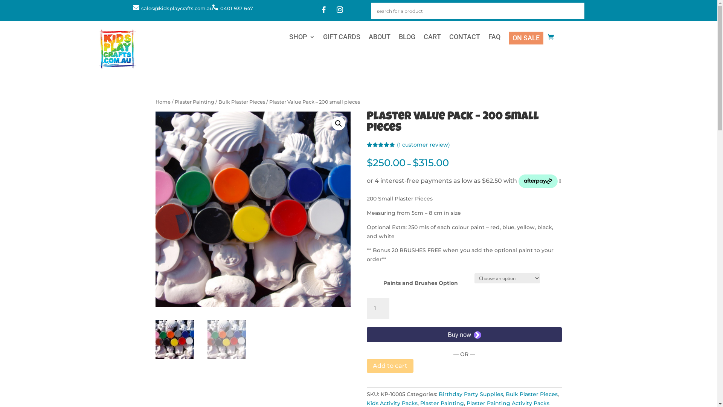  I want to click on 'SHOP', so click(289, 39).